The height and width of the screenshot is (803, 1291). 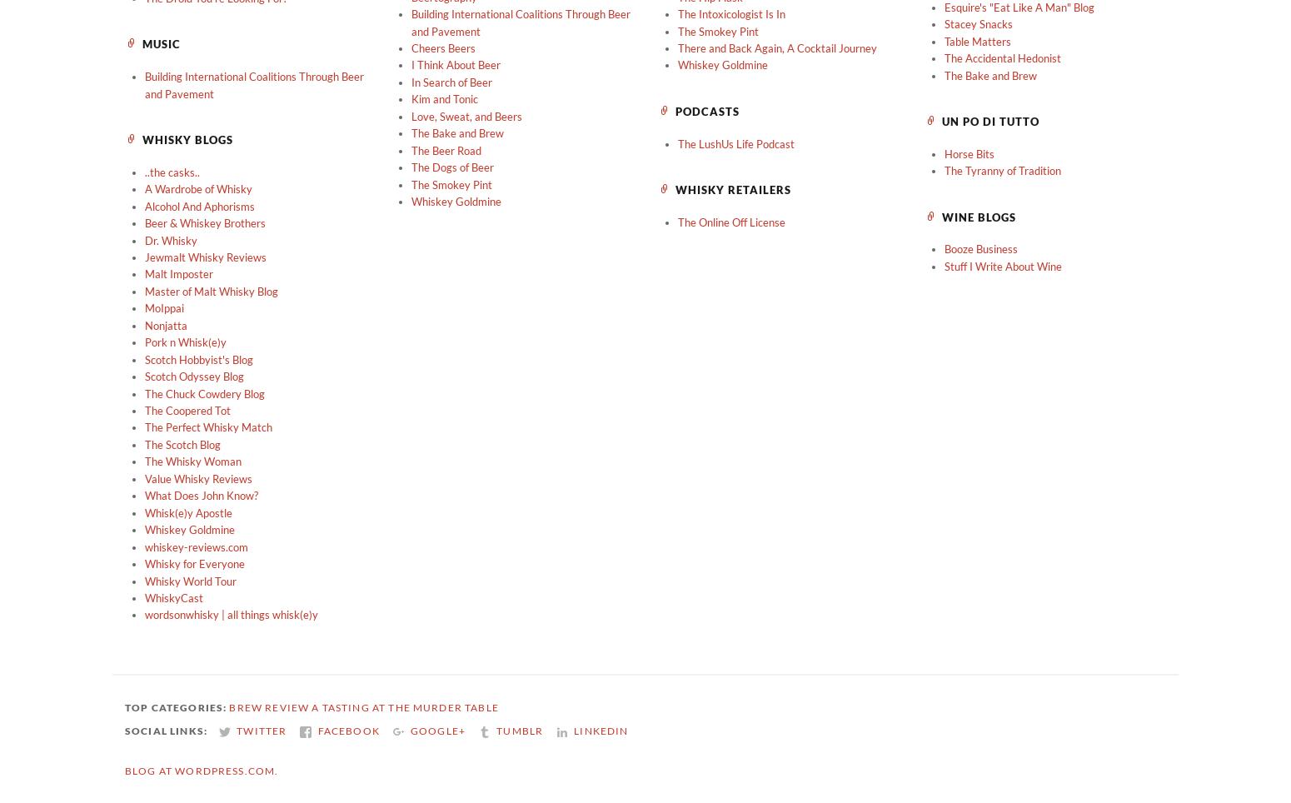 I want to click on 'Esquire's "Eat Like A Man" Blog', so click(x=1019, y=6).